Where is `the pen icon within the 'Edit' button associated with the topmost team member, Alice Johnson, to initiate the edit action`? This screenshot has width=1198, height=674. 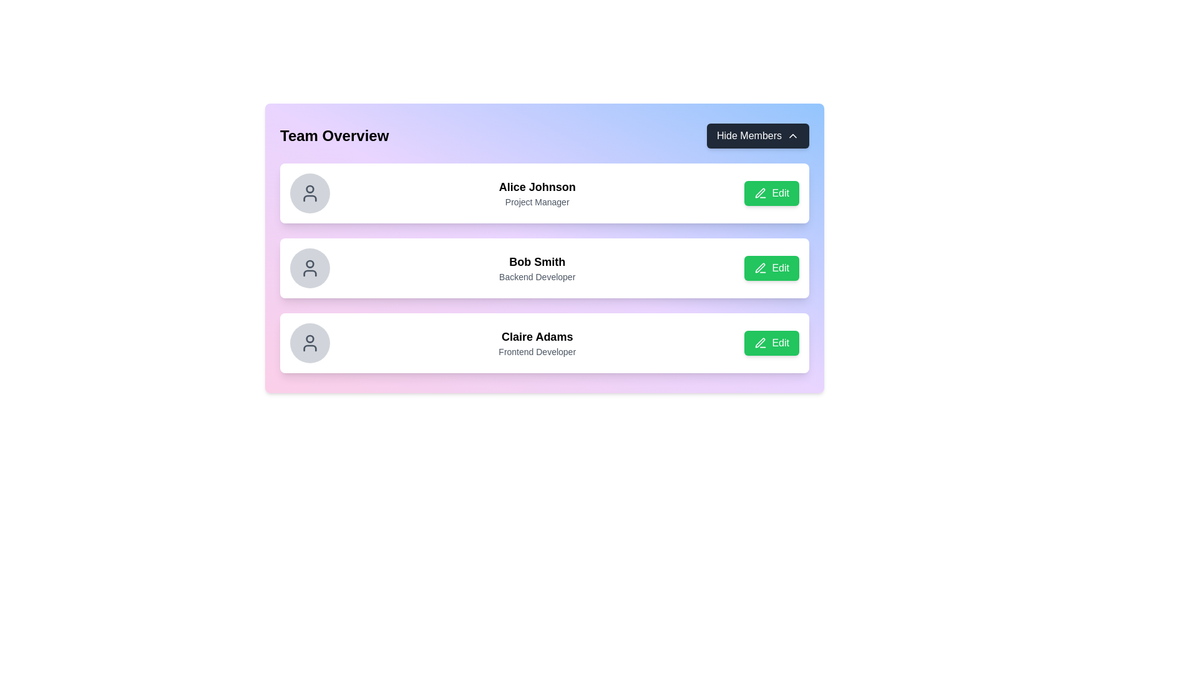
the pen icon within the 'Edit' button associated with the topmost team member, Alice Johnson, to initiate the edit action is located at coordinates (760, 193).